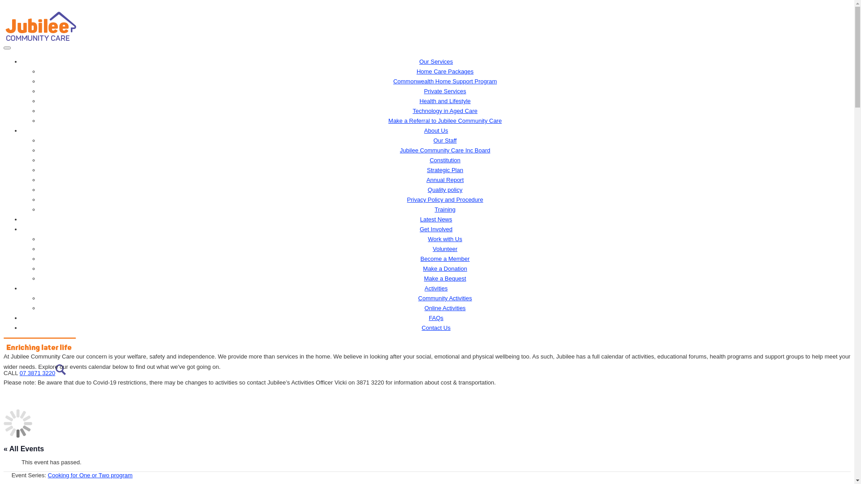 Image resolution: width=861 pixels, height=484 pixels. I want to click on 'Health and Lifestyle', so click(445, 101).